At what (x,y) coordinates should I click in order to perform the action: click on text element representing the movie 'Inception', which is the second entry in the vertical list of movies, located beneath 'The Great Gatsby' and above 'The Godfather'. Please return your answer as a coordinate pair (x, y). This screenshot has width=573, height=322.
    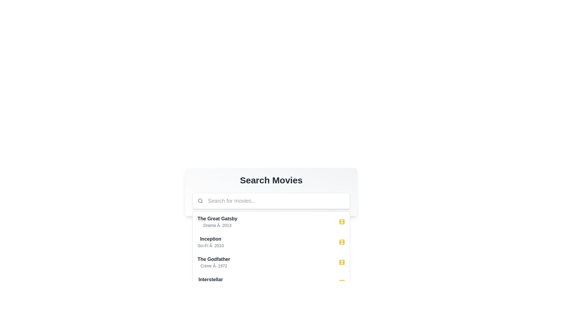
    Looking at the image, I should click on (210, 242).